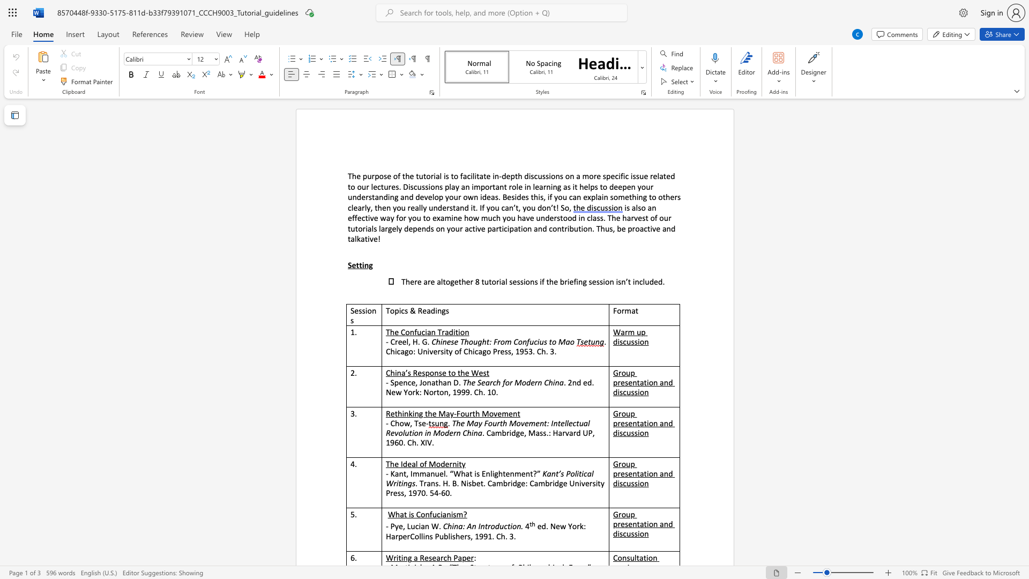  Describe the element at coordinates (576, 473) in the screenshot. I see `the subset text "itic" within the text "Kant’s Political Writings"` at that location.